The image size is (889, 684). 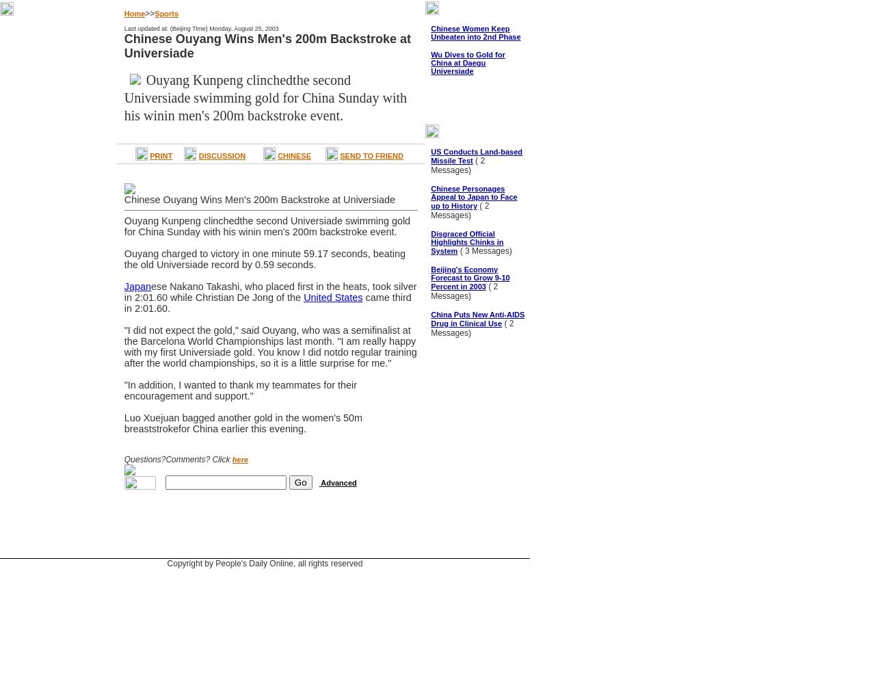 What do you see at coordinates (332, 298) in the screenshot?
I see `'United States'` at bounding box center [332, 298].